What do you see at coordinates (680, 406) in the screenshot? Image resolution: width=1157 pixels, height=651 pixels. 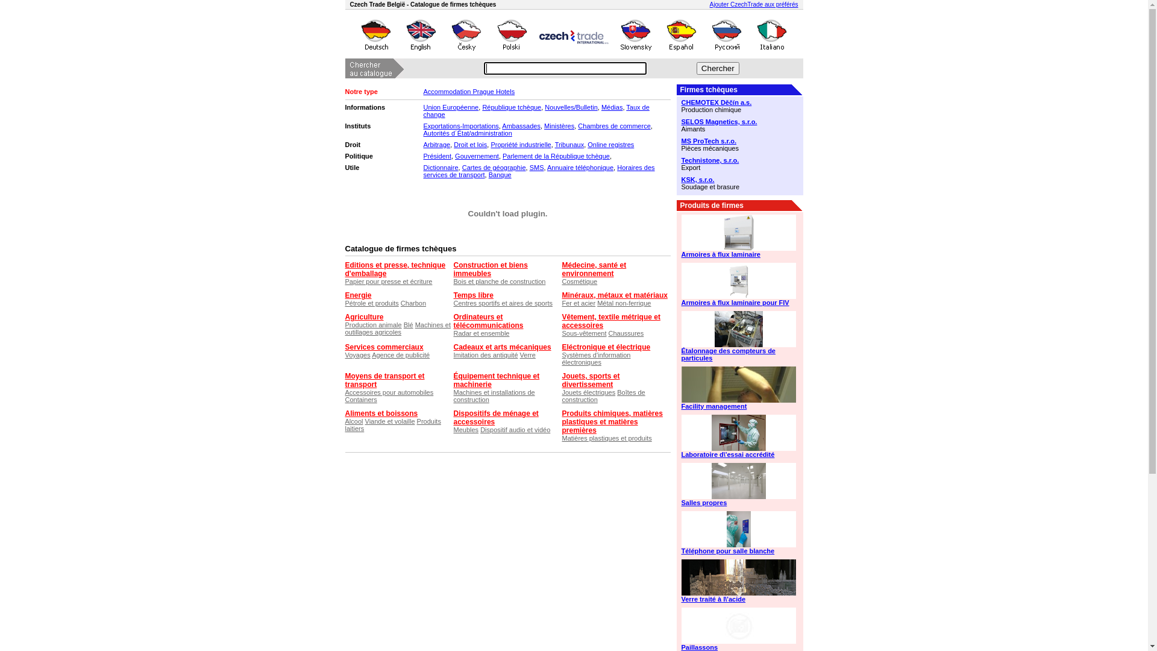 I see `'Facility management'` at bounding box center [680, 406].